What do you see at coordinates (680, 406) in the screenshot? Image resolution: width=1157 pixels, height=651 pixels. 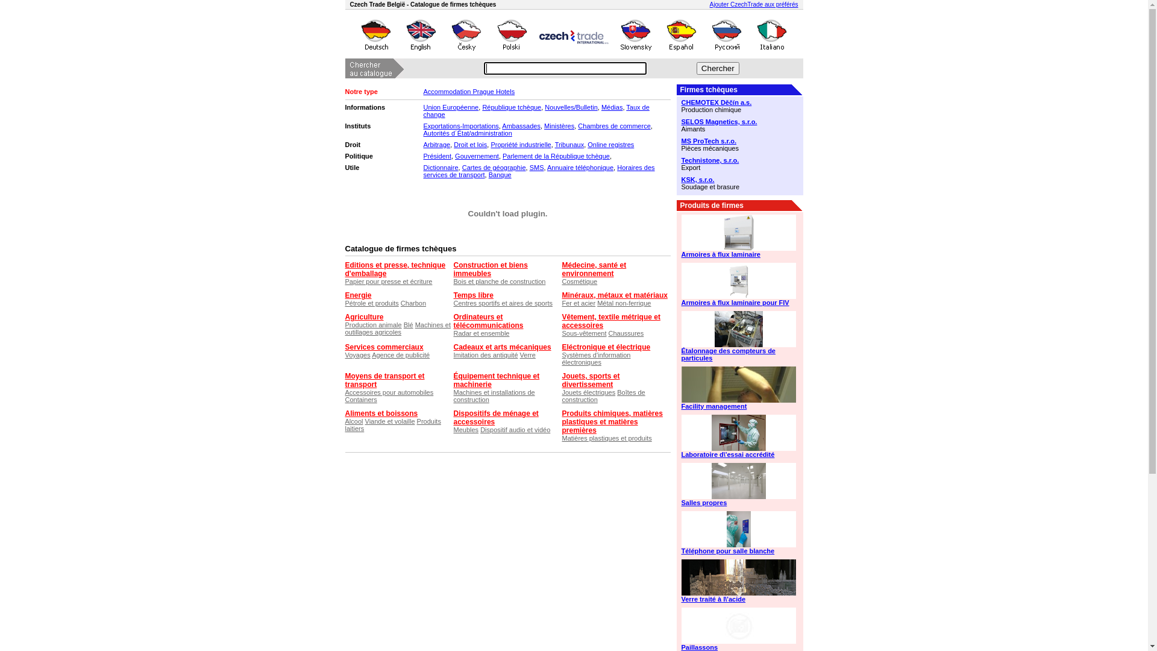 I see `'Facility management'` at bounding box center [680, 406].